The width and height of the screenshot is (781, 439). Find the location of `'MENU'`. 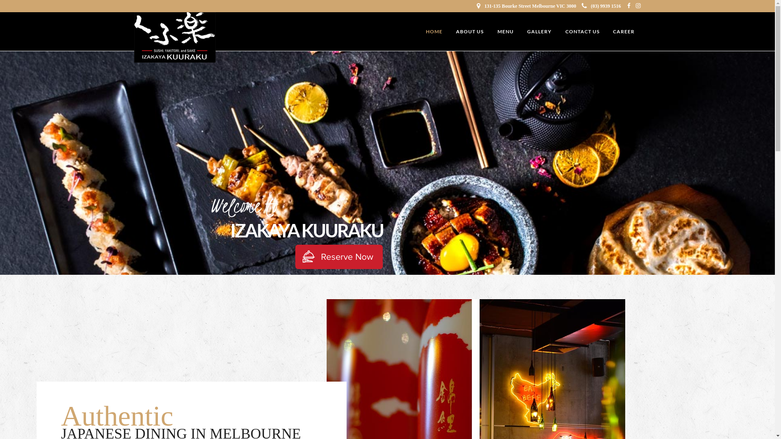

'MENU' is located at coordinates (491, 31).